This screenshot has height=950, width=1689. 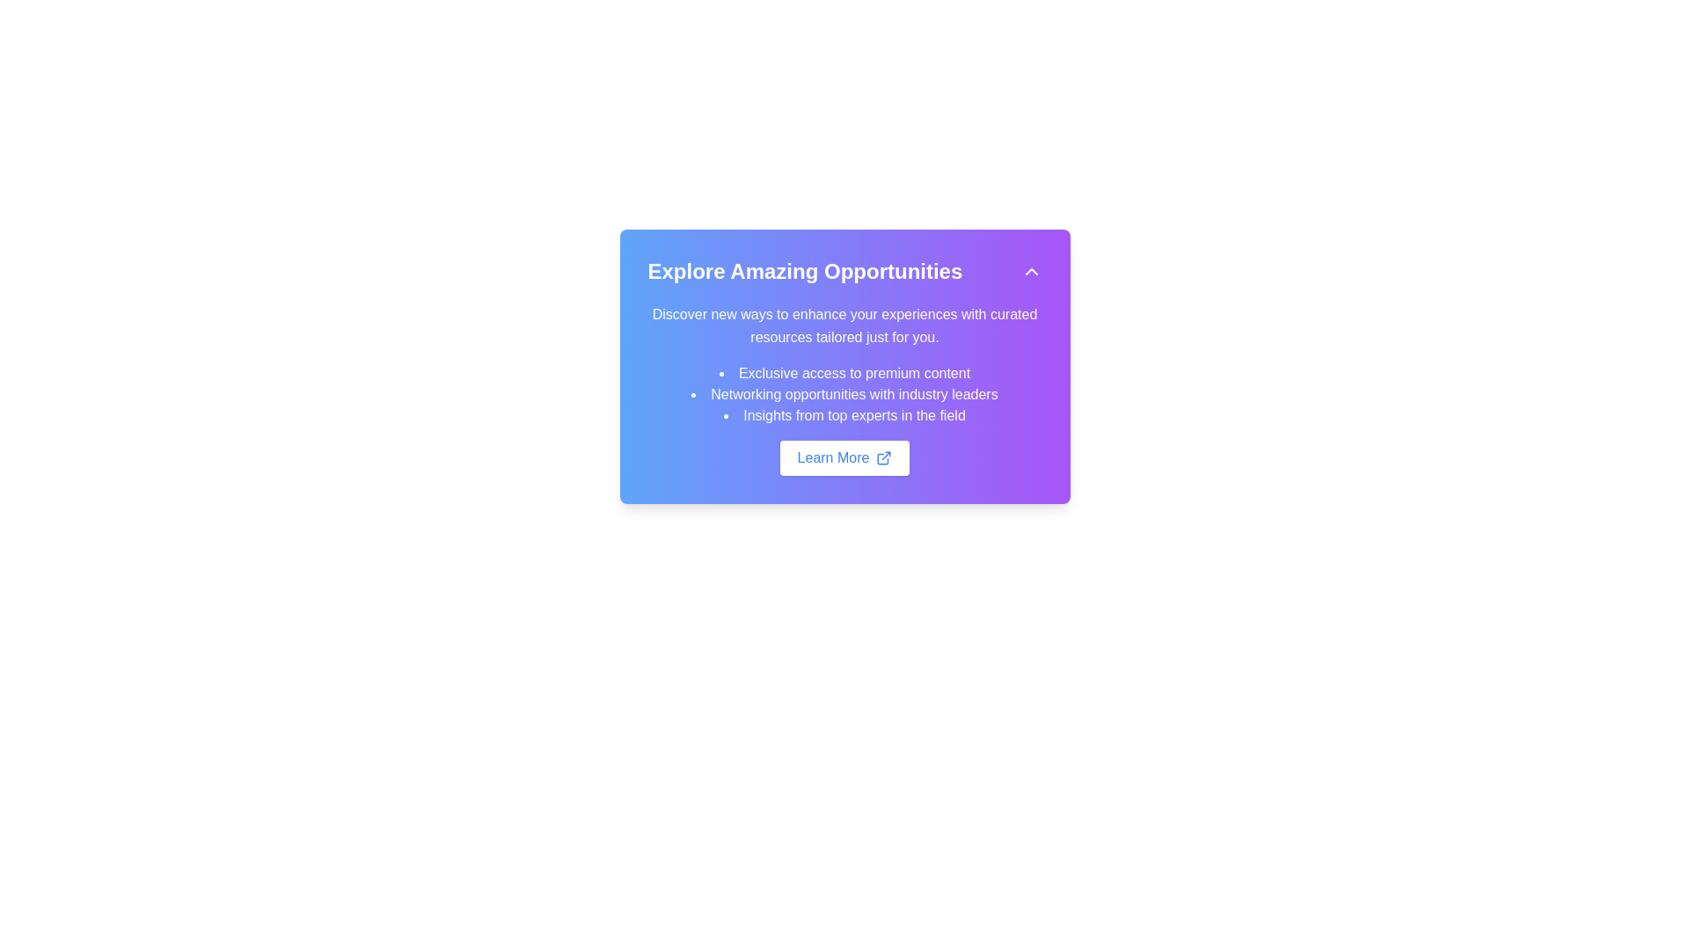 I want to click on the upward-pointing arrow button, which is white and located at the top-right corner of the 'Explore Amazing Opportunities' panel, so click(x=1031, y=271).